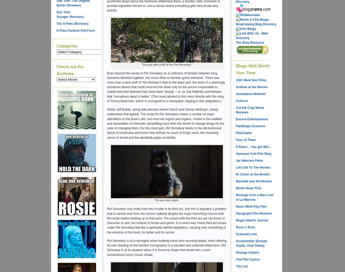  I want to click on 'Four of Them', so click(245, 140).